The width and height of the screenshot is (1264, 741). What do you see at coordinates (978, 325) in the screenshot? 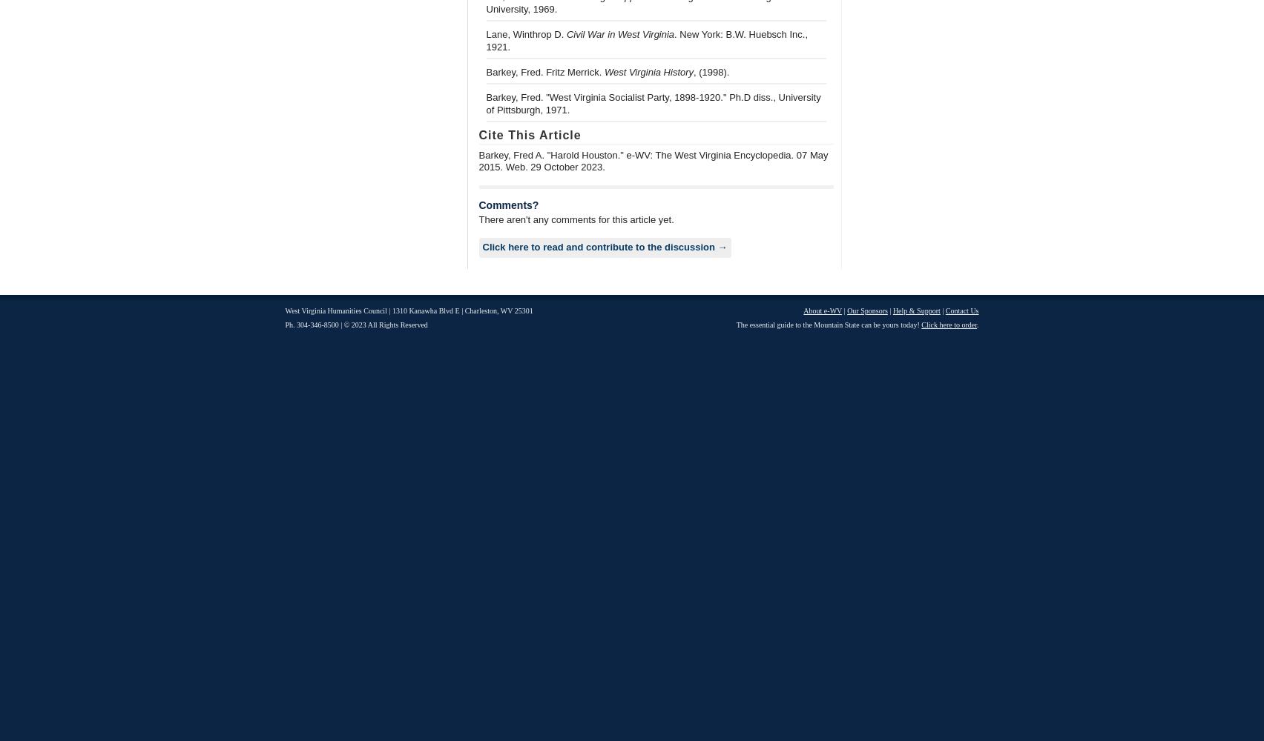
I see `'.'` at bounding box center [978, 325].